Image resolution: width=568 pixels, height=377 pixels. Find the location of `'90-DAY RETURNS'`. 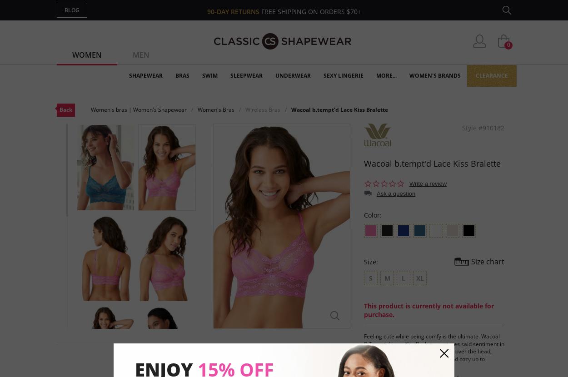

'90-DAY RETURNS' is located at coordinates (234, 11).